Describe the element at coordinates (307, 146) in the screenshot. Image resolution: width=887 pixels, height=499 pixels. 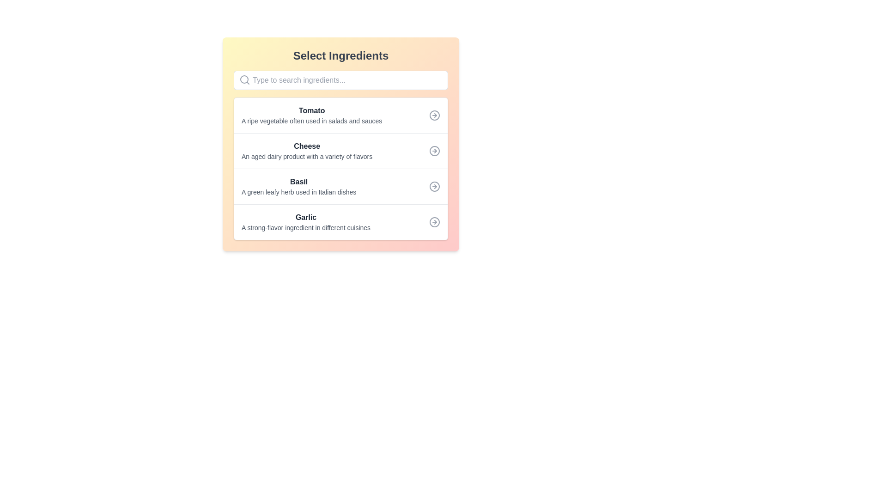
I see `the text label displaying 'Cheese', which is styled in bold dark gray and is the second entry in the list of ingredients between 'Tomato' and 'Basil'` at that location.